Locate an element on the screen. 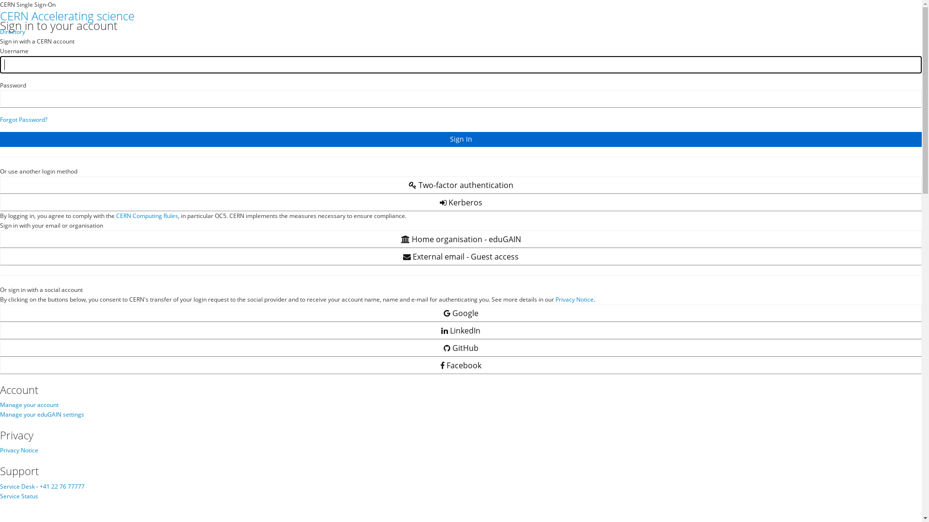 The image size is (929, 522). 'Kerberos' is located at coordinates (460, 202).